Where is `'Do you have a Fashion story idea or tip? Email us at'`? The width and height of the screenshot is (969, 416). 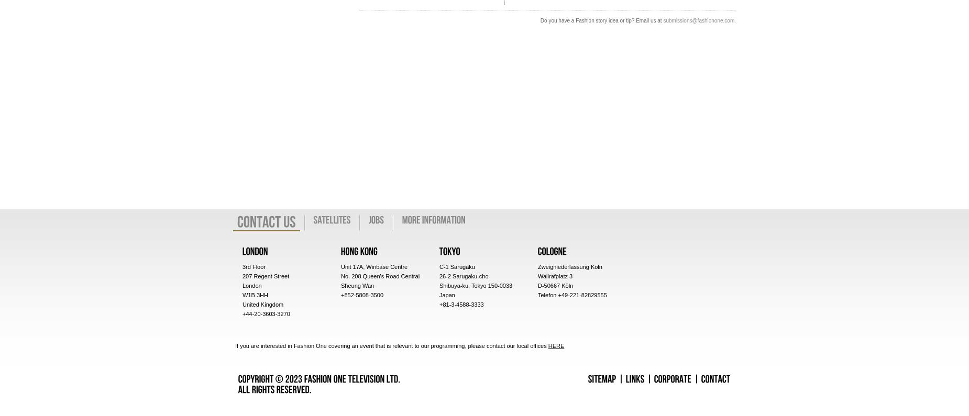 'Do you have a Fashion story idea or tip? Email us at' is located at coordinates (601, 20).